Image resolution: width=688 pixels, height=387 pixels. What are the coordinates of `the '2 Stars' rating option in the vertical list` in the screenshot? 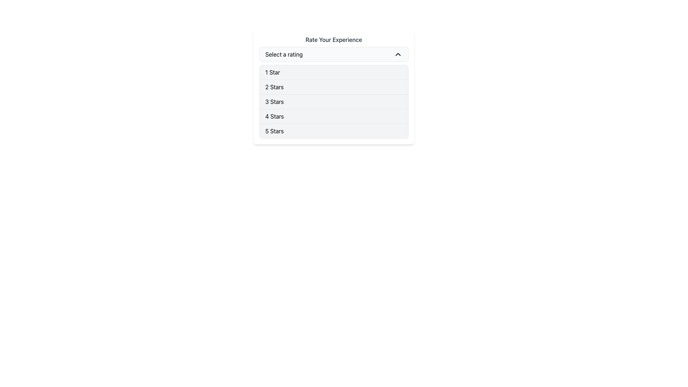 It's located at (333, 86).